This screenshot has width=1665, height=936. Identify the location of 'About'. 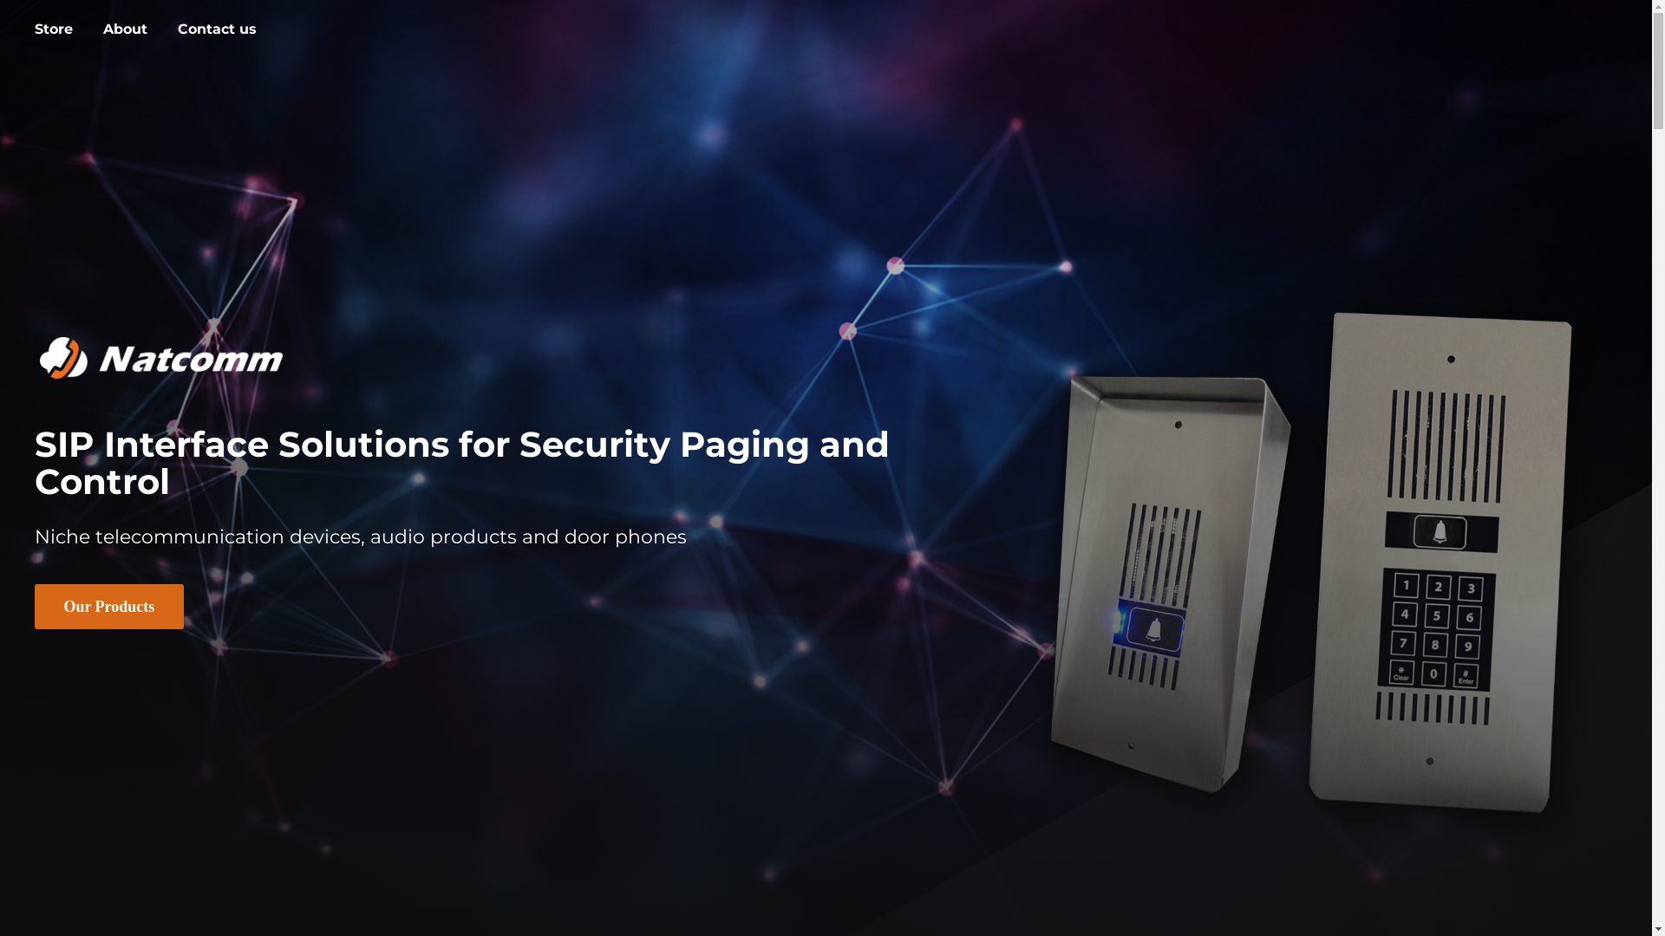
(124, 29).